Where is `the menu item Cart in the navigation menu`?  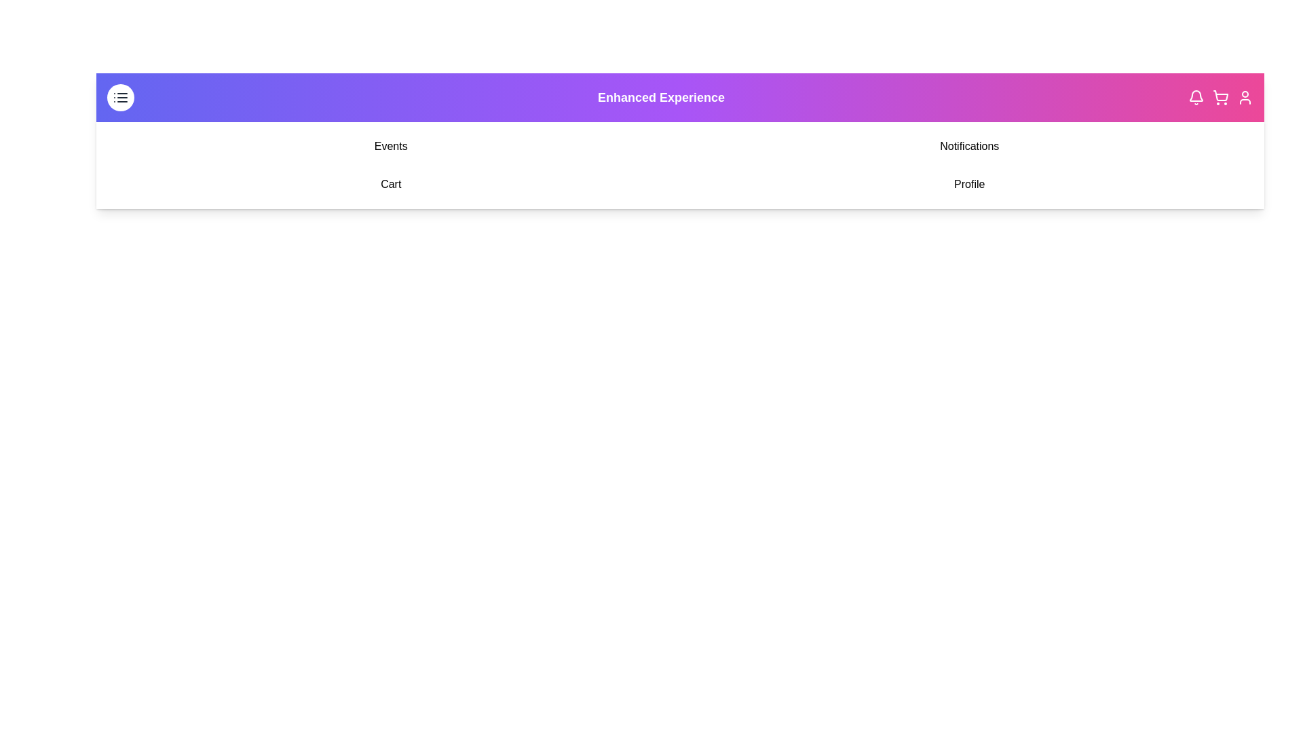 the menu item Cart in the navigation menu is located at coordinates (390, 185).